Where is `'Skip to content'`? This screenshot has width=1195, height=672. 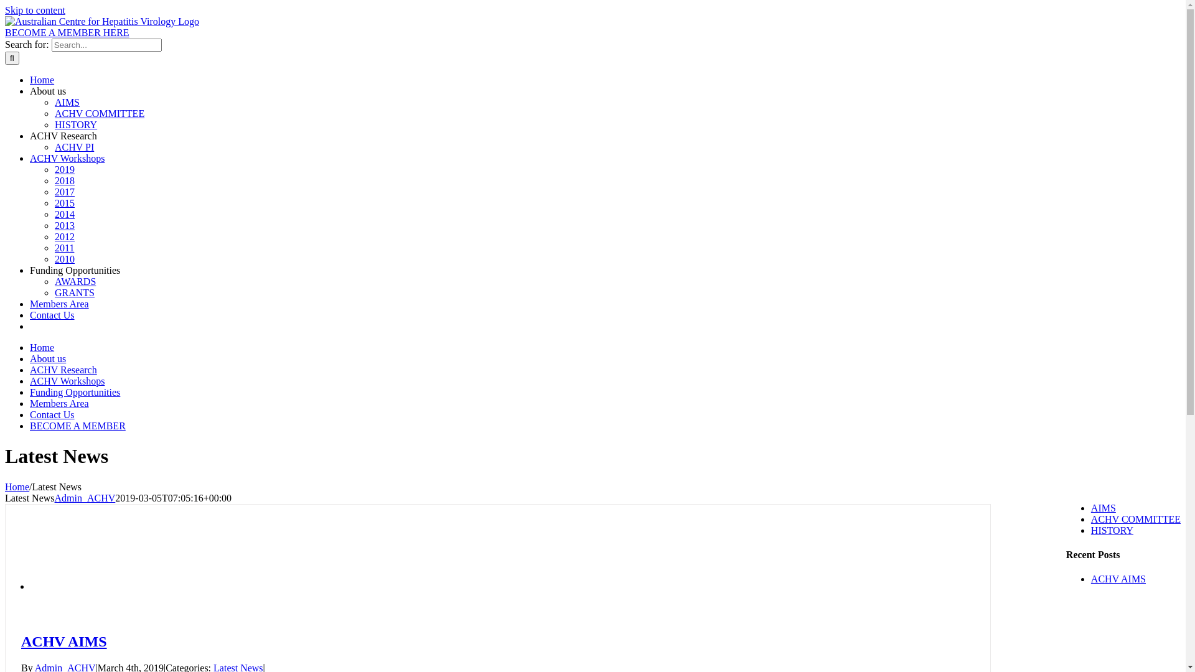 'Skip to content' is located at coordinates (35, 10).